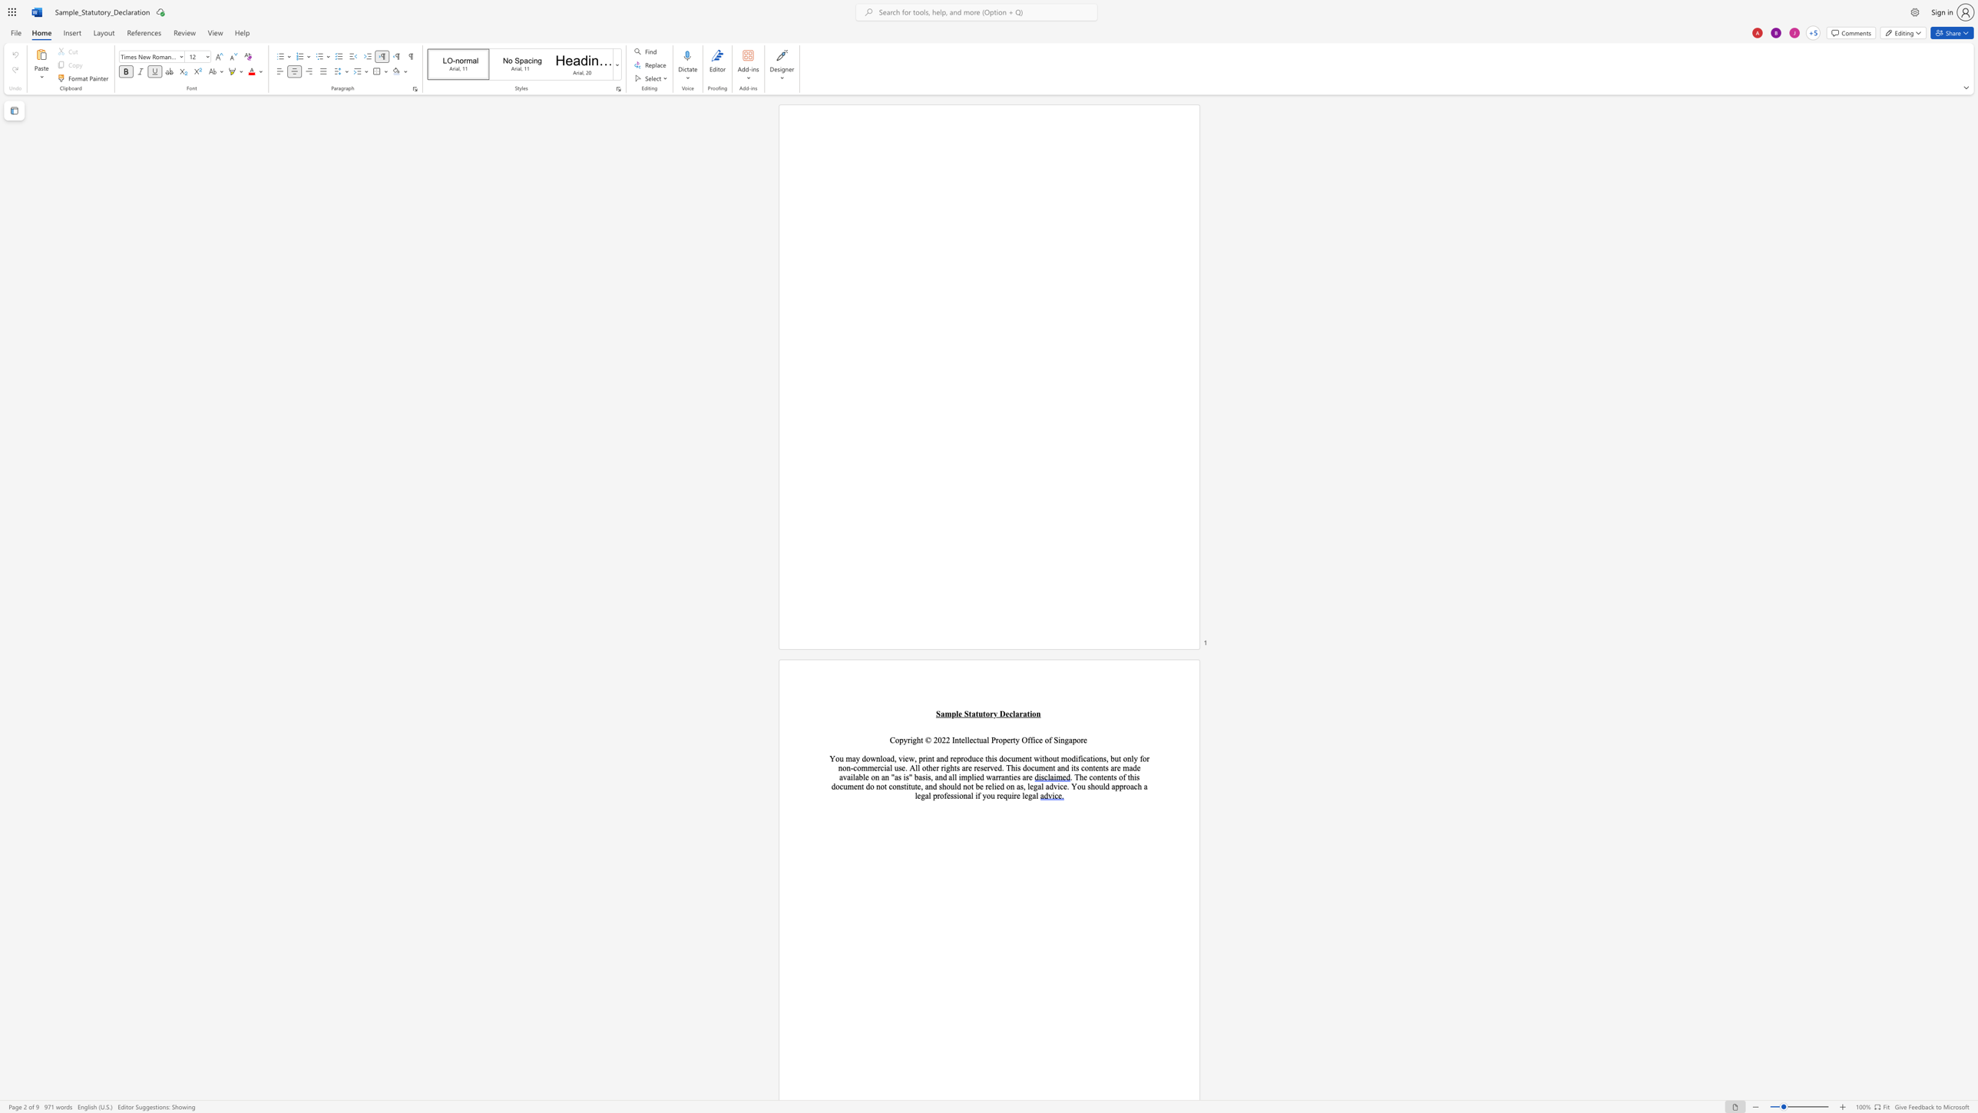 The image size is (1978, 1113). What do you see at coordinates (941, 795) in the screenshot?
I see `the 7th character "o" in the text` at bounding box center [941, 795].